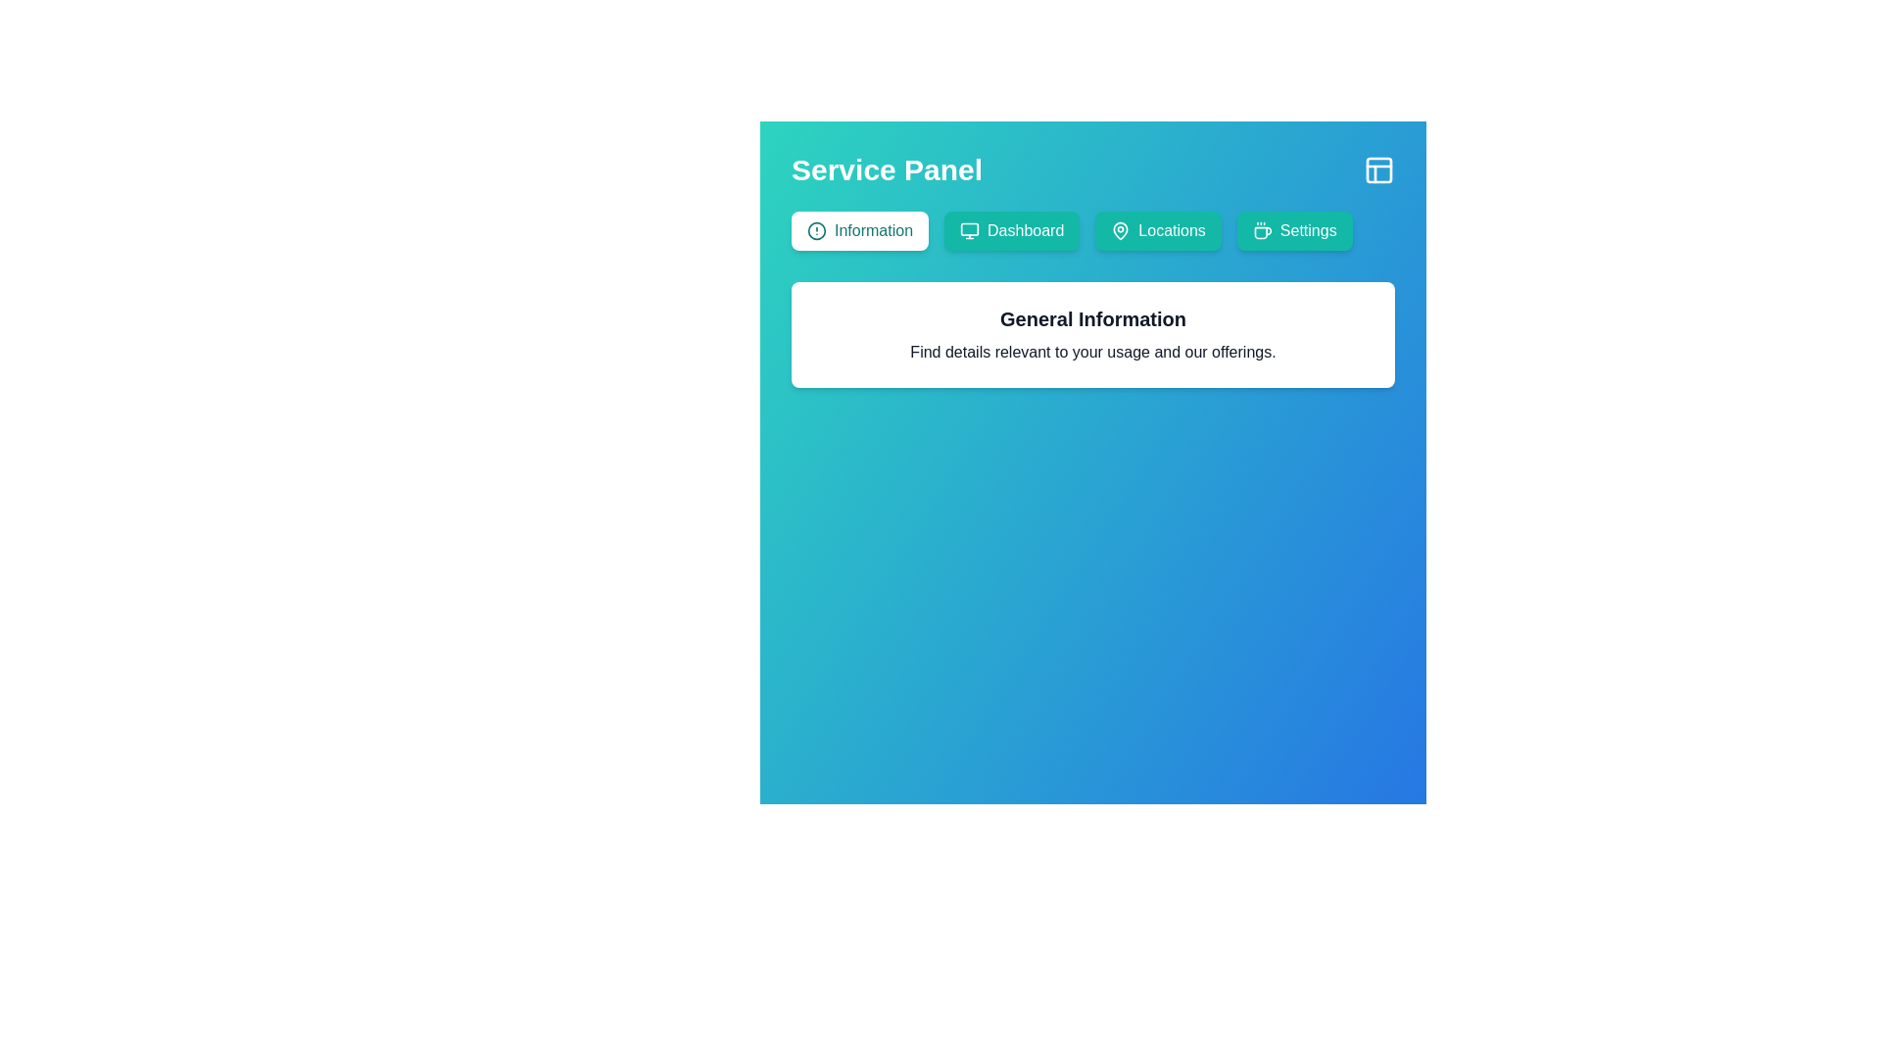 This screenshot has width=1881, height=1058. What do you see at coordinates (1121, 229) in the screenshot?
I see `the pin icon within the 'Locations' button on the navigation bar` at bounding box center [1121, 229].